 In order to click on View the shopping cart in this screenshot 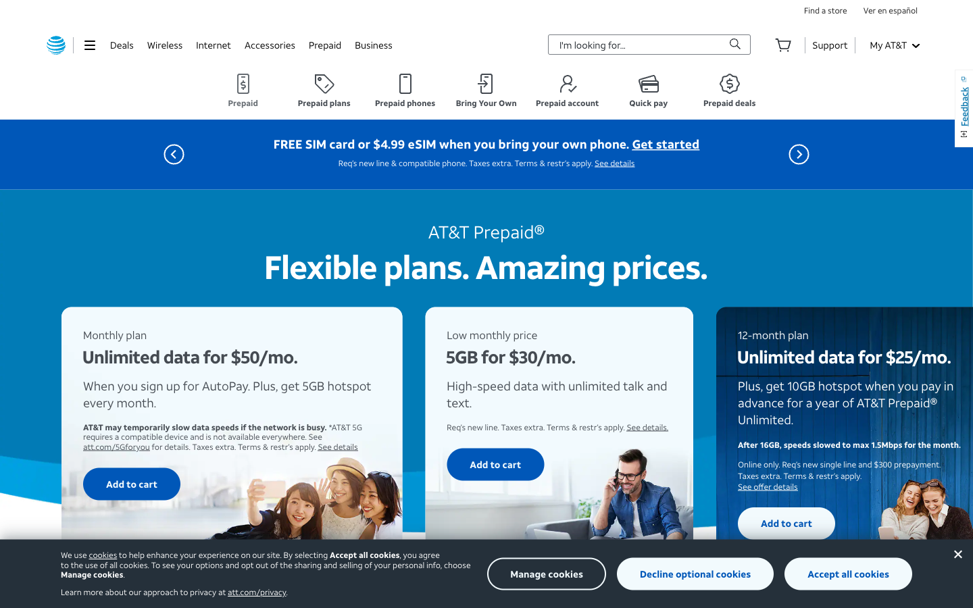, I will do `click(783, 44)`.